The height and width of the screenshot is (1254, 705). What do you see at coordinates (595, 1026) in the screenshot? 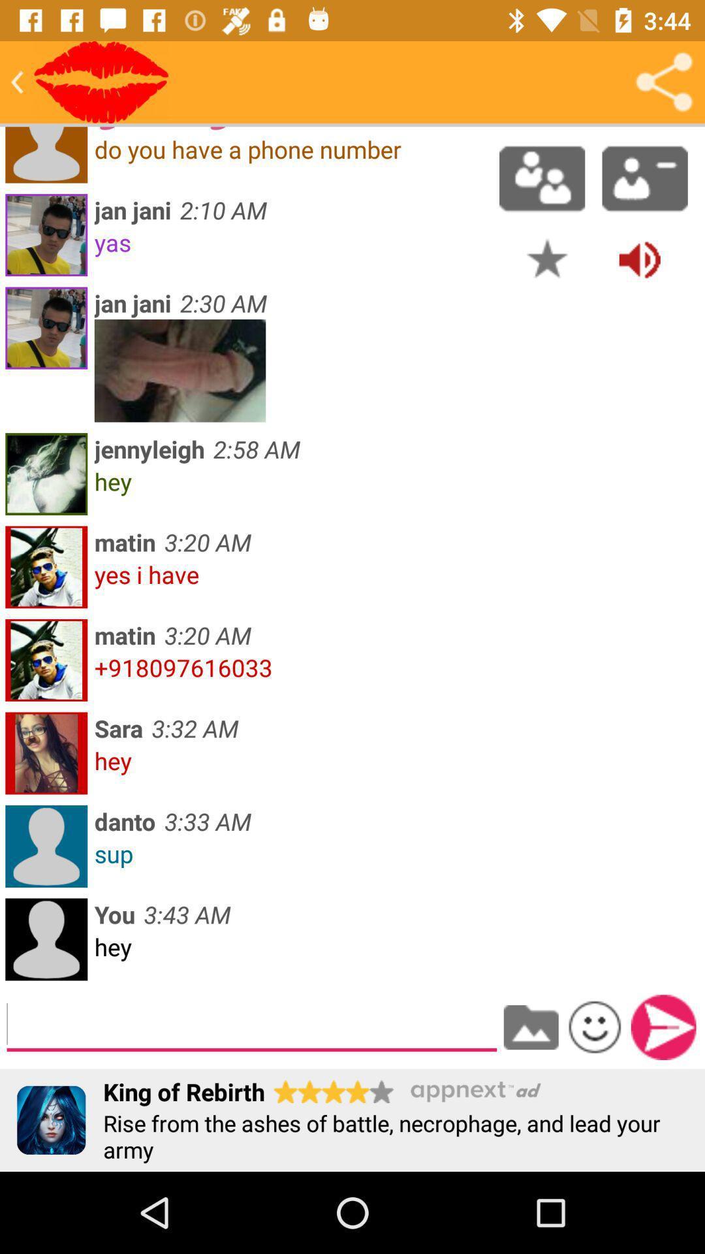
I see `emogi` at bounding box center [595, 1026].